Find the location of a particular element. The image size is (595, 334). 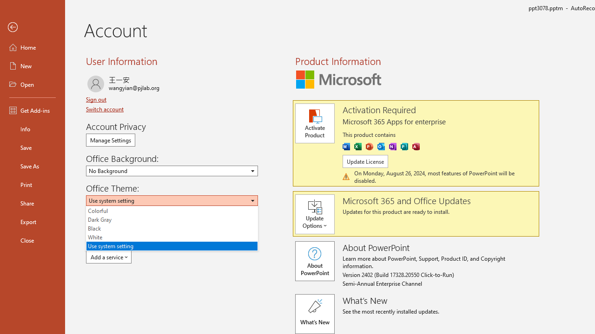

'New' is located at coordinates (32, 65).